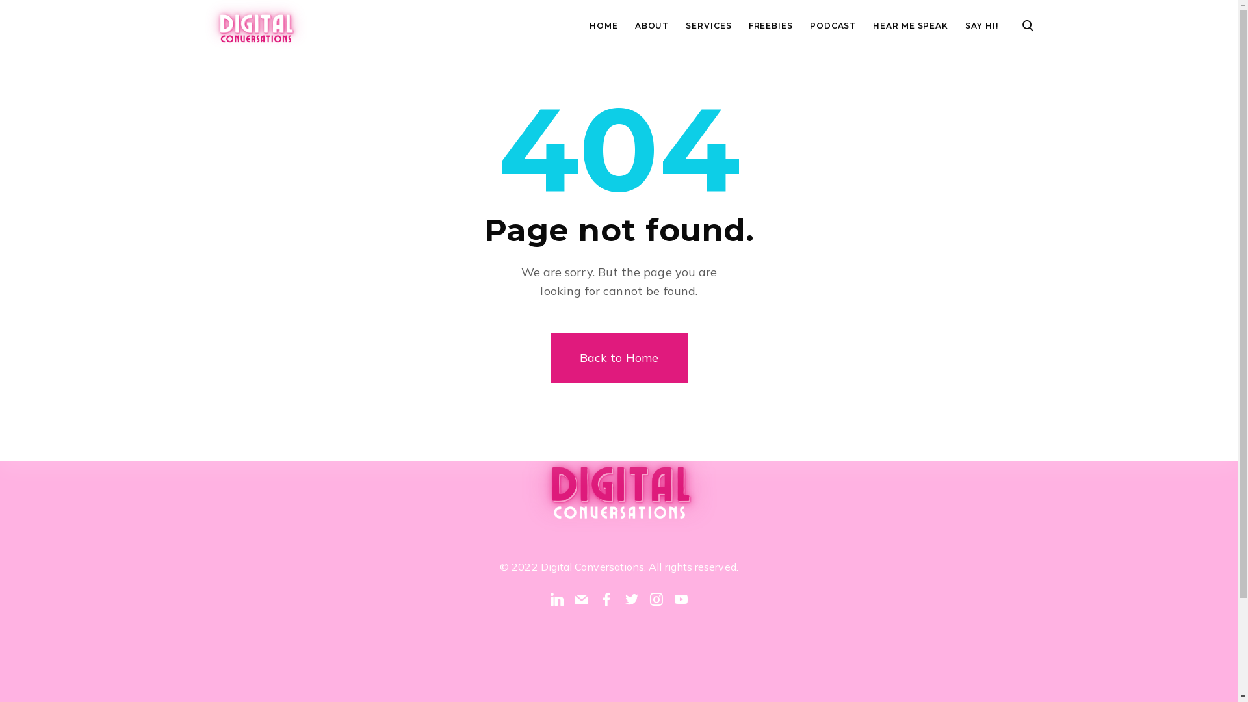  What do you see at coordinates (910, 25) in the screenshot?
I see `'HEAR ME SPEAK'` at bounding box center [910, 25].